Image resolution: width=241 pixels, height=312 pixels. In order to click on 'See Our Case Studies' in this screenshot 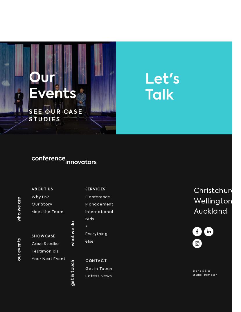, I will do `click(55, 116)`.